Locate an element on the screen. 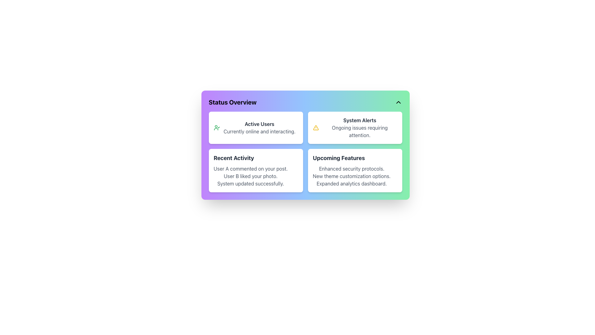 The image size is (595, 335). the status icon indicating active users, which is located on the left side of the text content in the 'Active Users' card is located at coordinates (217, 127).